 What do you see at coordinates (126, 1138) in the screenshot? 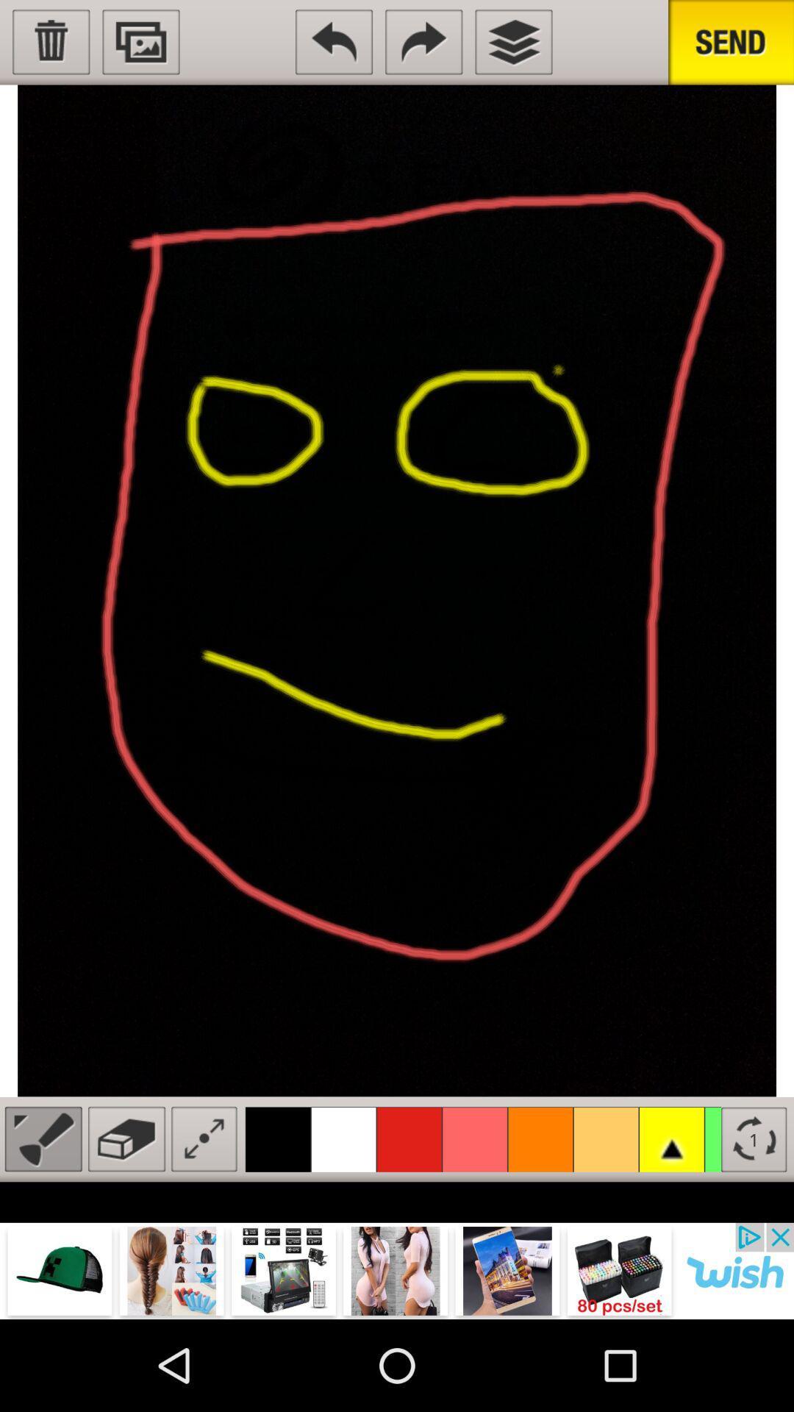
I see `eraser tool` at bounding box center [126, 1138].